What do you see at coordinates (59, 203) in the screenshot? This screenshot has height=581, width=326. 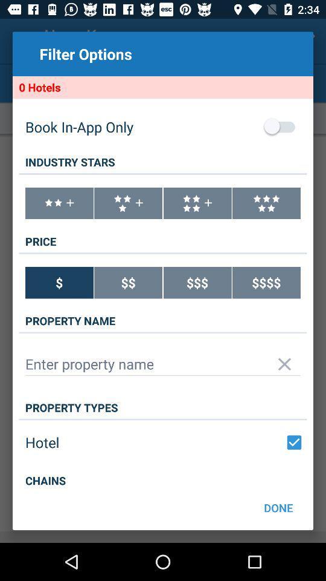 I see `two stars rating` at bounding box center [59, 203].